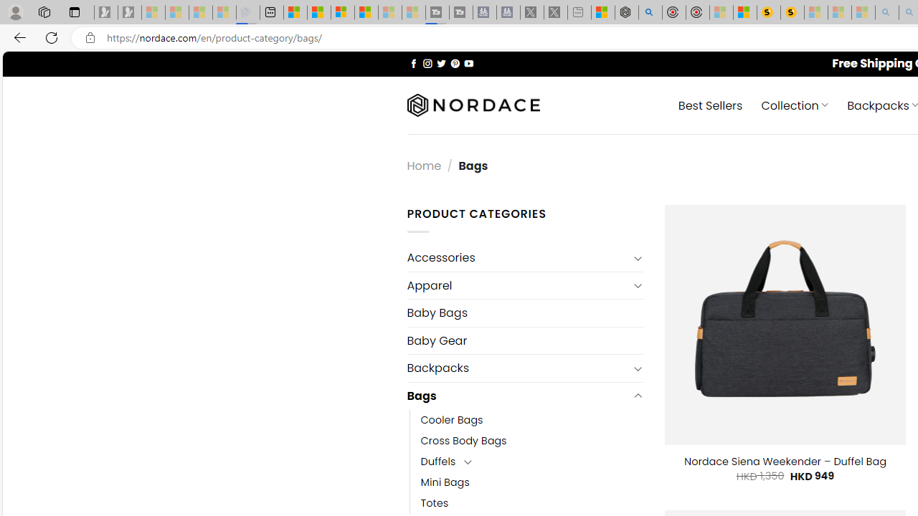  What do you see at coordinates (516, 285) in the screenshot?
I see `'Apparel'` at bounding box center [516, 285].